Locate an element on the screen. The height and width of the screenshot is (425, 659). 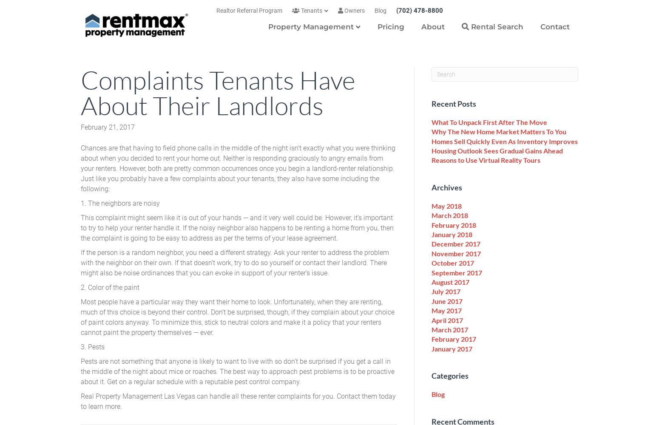
'Realtor Referral Program' is located at coordinates (249, 11).